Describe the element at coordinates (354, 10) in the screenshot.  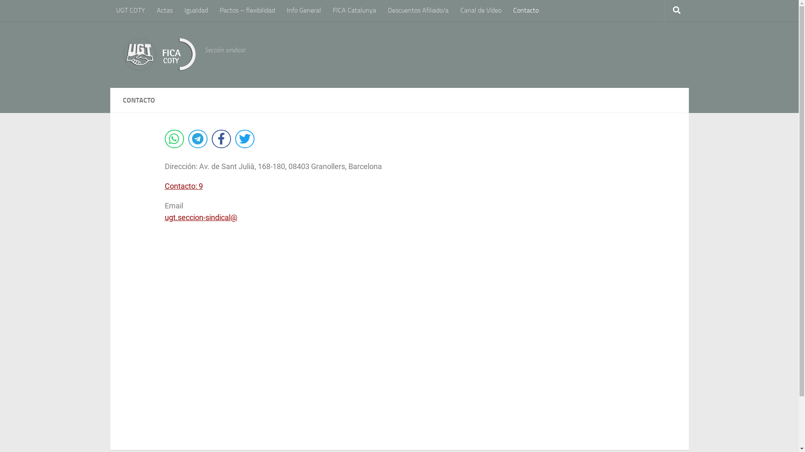
I see `'FICA Catalunya'` at that location.